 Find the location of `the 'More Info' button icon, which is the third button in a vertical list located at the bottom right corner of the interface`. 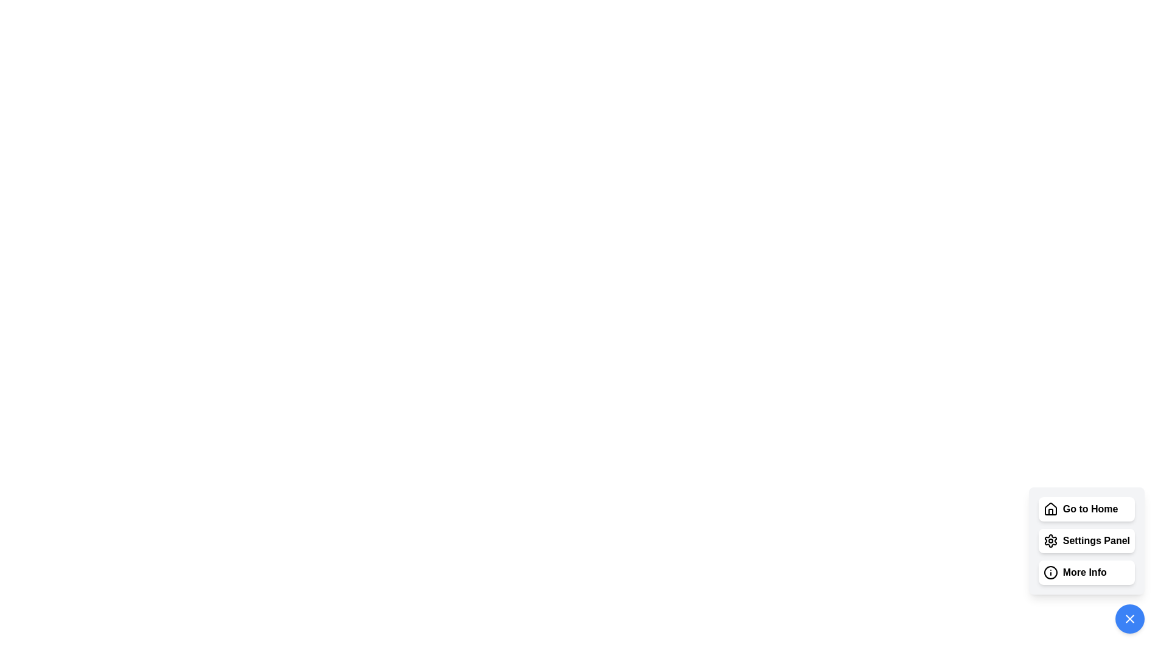

the 'More Info' button icon, which is the third button in a vertical list located at the bottom right corner of the interface is located at coordinates (1050, 573).